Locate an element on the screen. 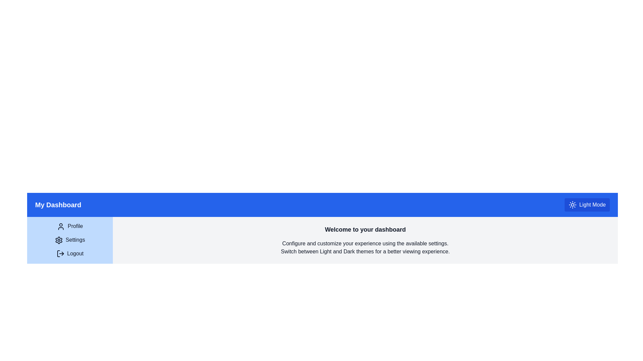 The image size is (643, 361). the navigational link with an icon and text located in the vertical menu, specifically positioned below 'Profile' and above 'Logout' is located at coordinates (70, 239).